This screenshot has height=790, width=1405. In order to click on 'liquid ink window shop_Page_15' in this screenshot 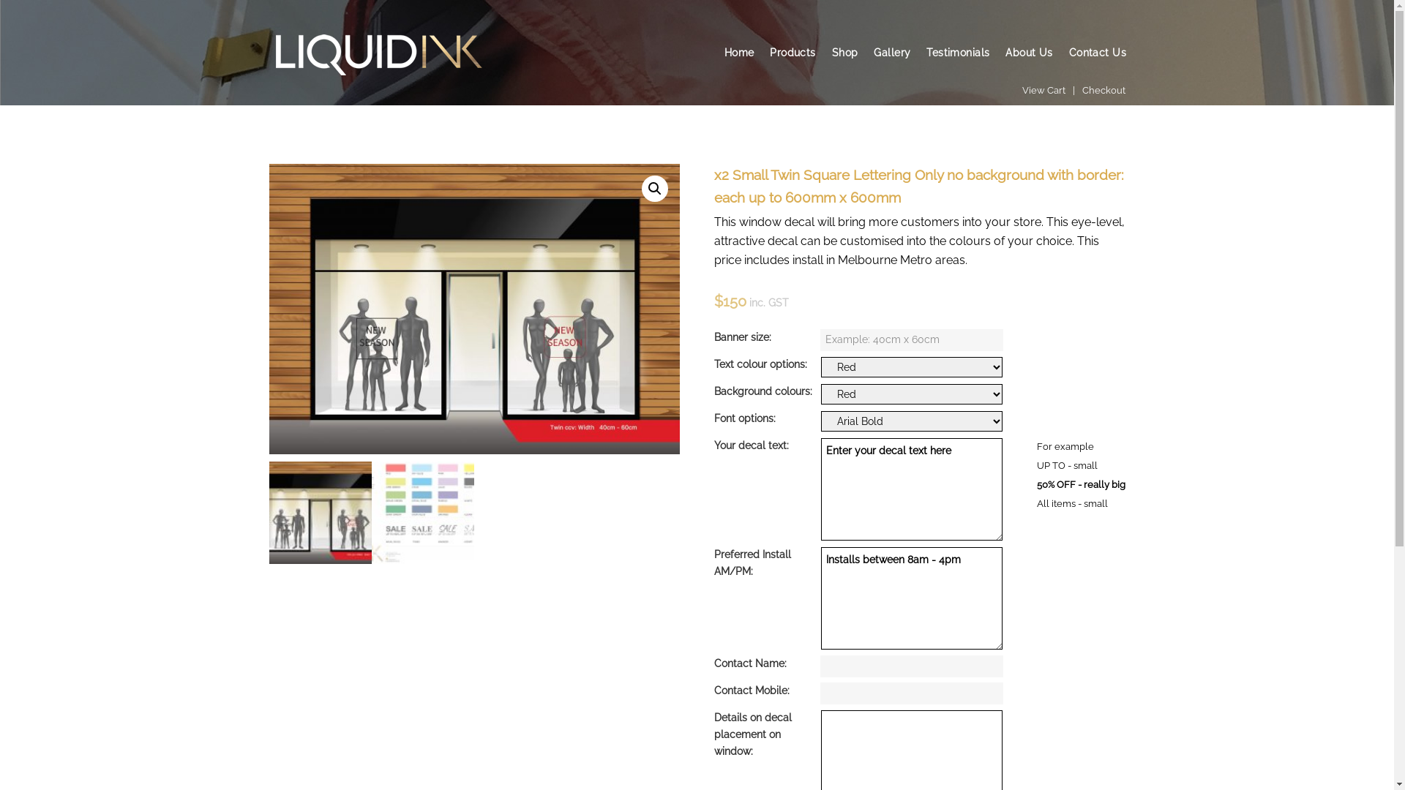, I will do `click(474, 308)`.